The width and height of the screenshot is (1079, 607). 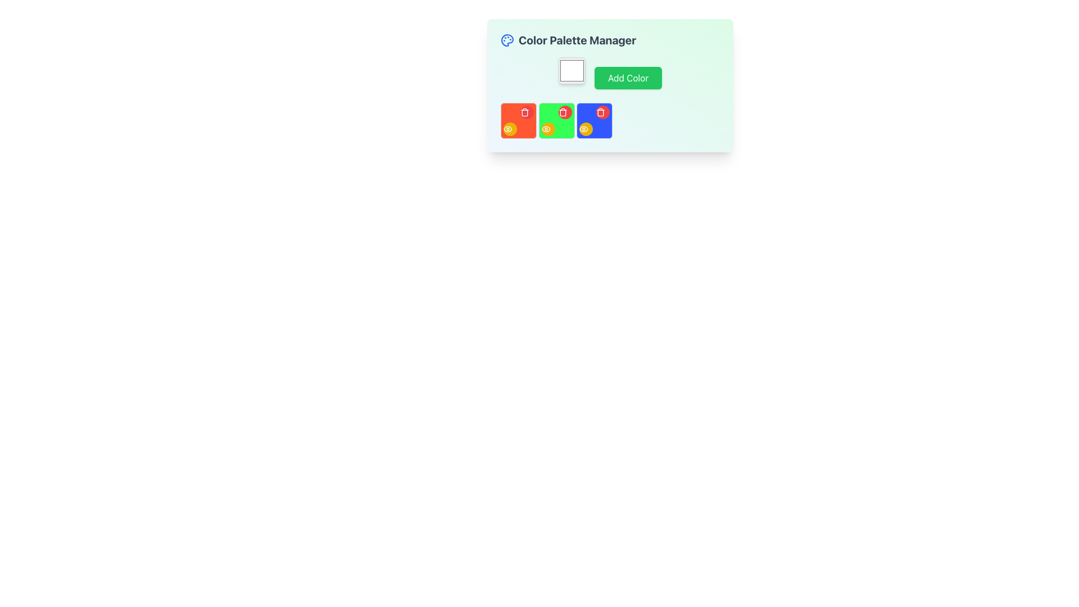 What do you see at coordinates (506, 40) in the screenshot?
I see `the SVG graphic element resembling a palette located above the title 'Color Palette Manager' in the top-left corner of the interface` at bounding box center [506, 40].